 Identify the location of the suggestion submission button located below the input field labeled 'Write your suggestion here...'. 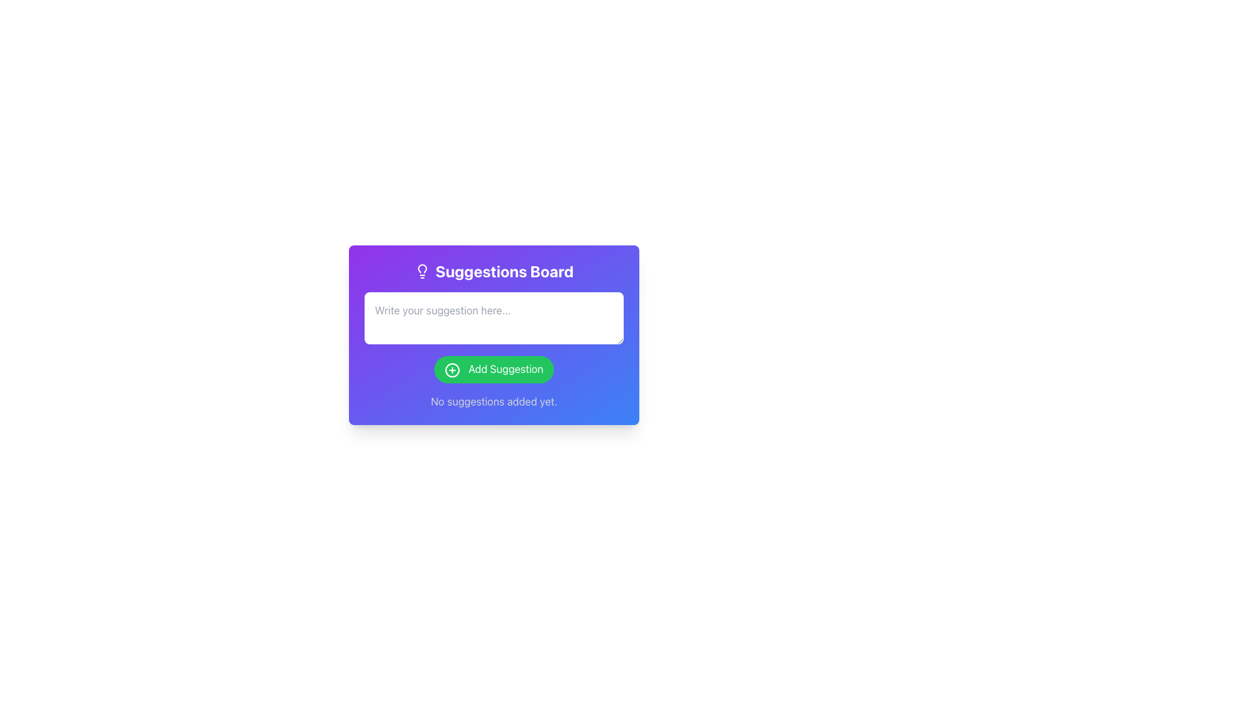
(493, 369).